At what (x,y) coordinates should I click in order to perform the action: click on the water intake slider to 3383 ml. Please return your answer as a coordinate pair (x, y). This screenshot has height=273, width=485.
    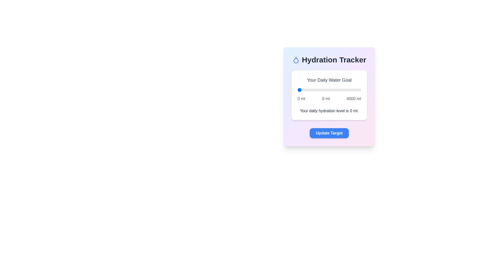
    Looking at the image, I should click on (351, 89).